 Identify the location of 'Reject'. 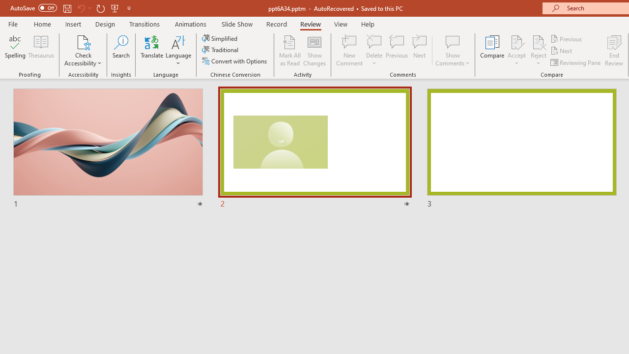
(538, 51).